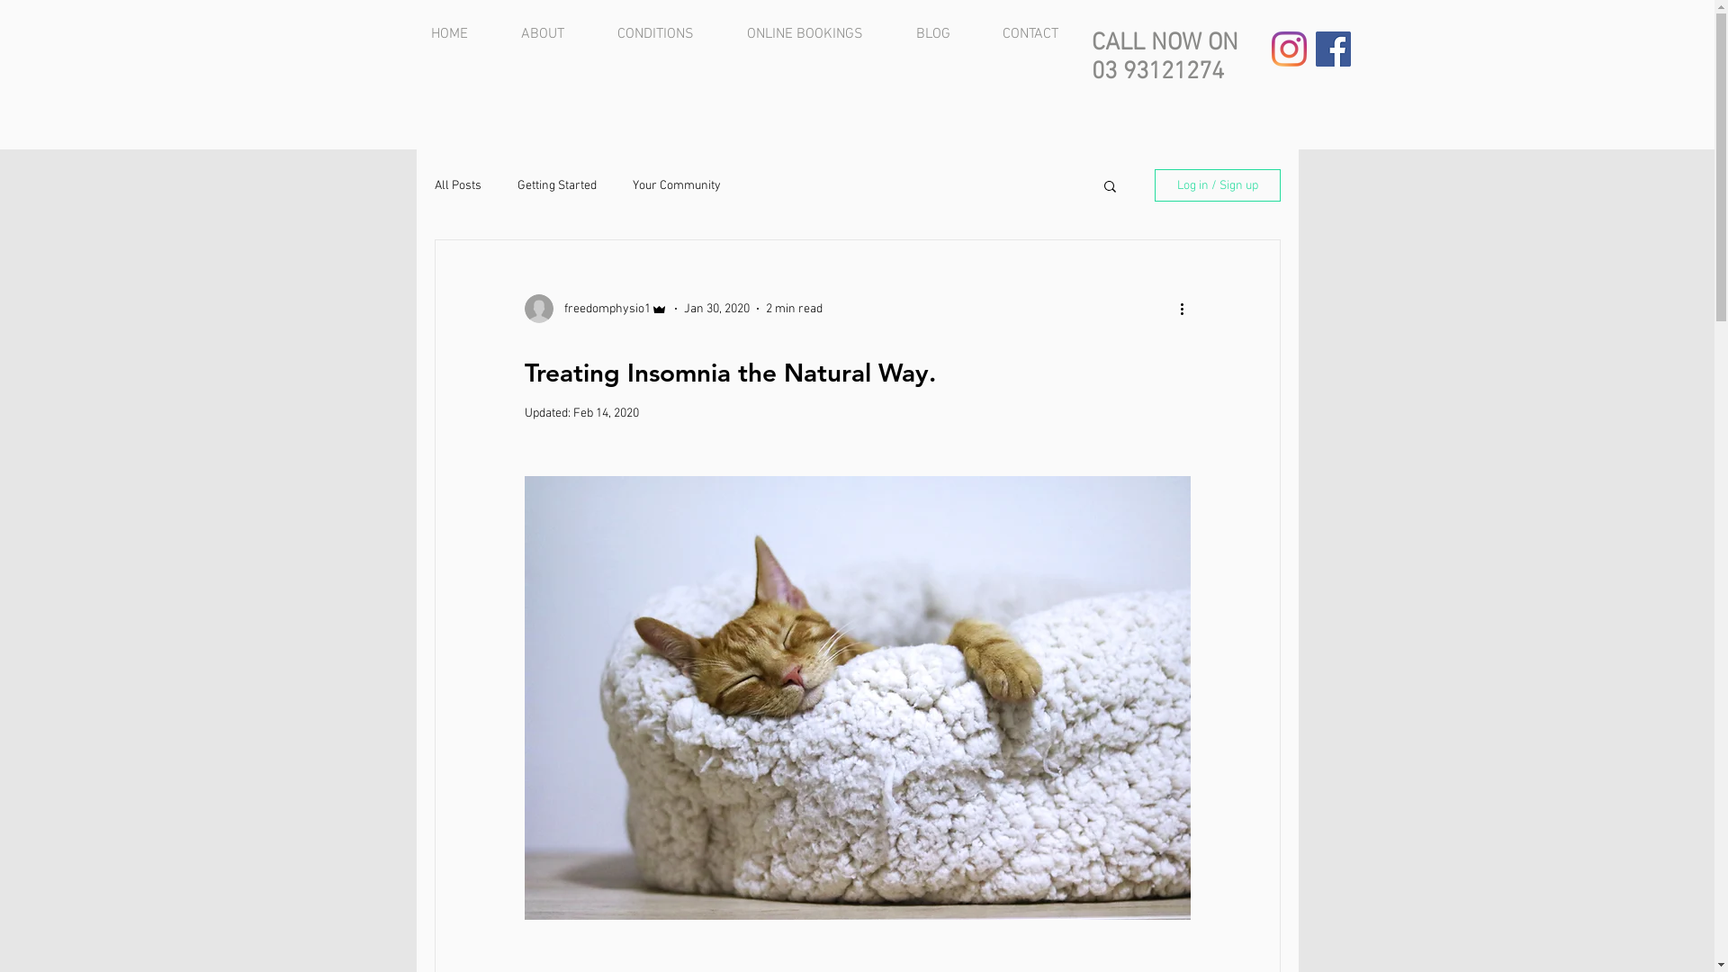  I want to click on 'CONTACT', so click(1041, 34).